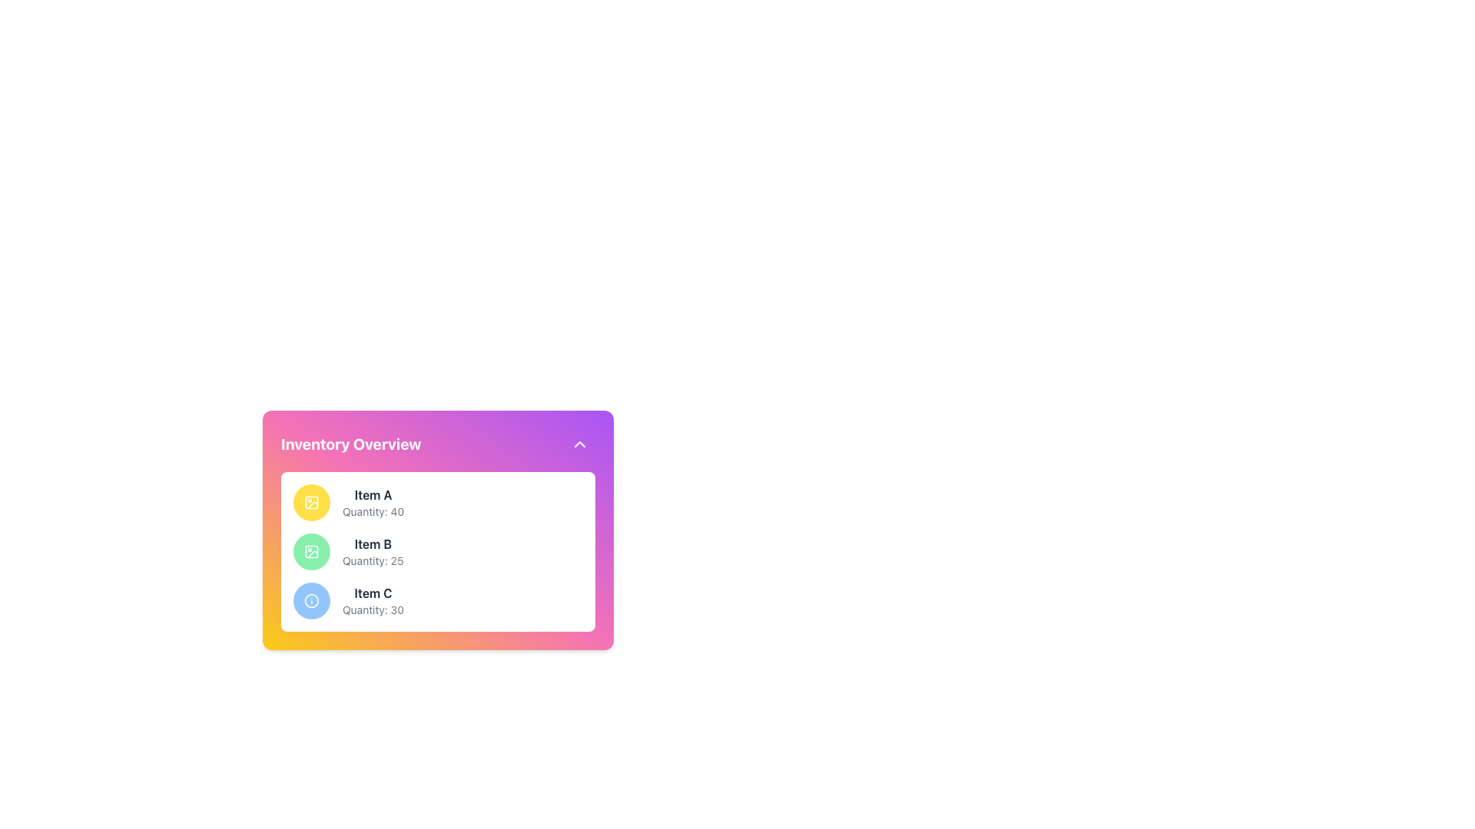 The height and width of the screenshot is (829, 1475). What do you see at coordinates (578, 444) in the screenshot?
I see `the small chevron-up icon located in the top-right corner of the 'Inventory Overview' card` at bounding box center [578, 444].